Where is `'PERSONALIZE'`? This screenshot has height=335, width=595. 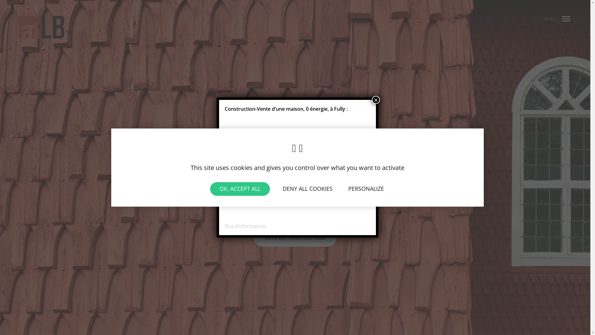
'PERSONALIZE' is located at coordinates (366, 189).